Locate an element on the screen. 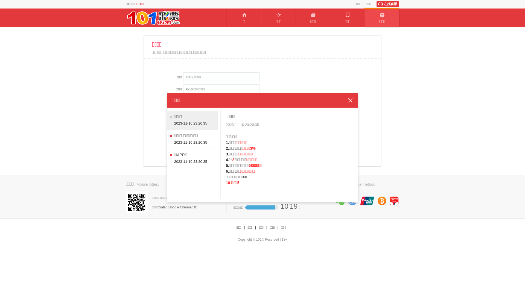  '|' is located at coordinates (267, 228).